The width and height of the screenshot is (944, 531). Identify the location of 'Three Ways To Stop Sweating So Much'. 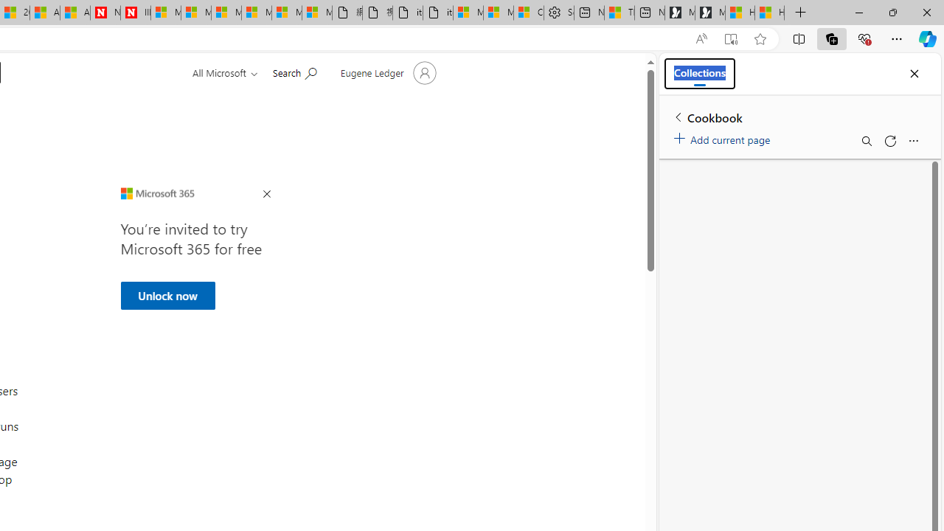
(619, 13).